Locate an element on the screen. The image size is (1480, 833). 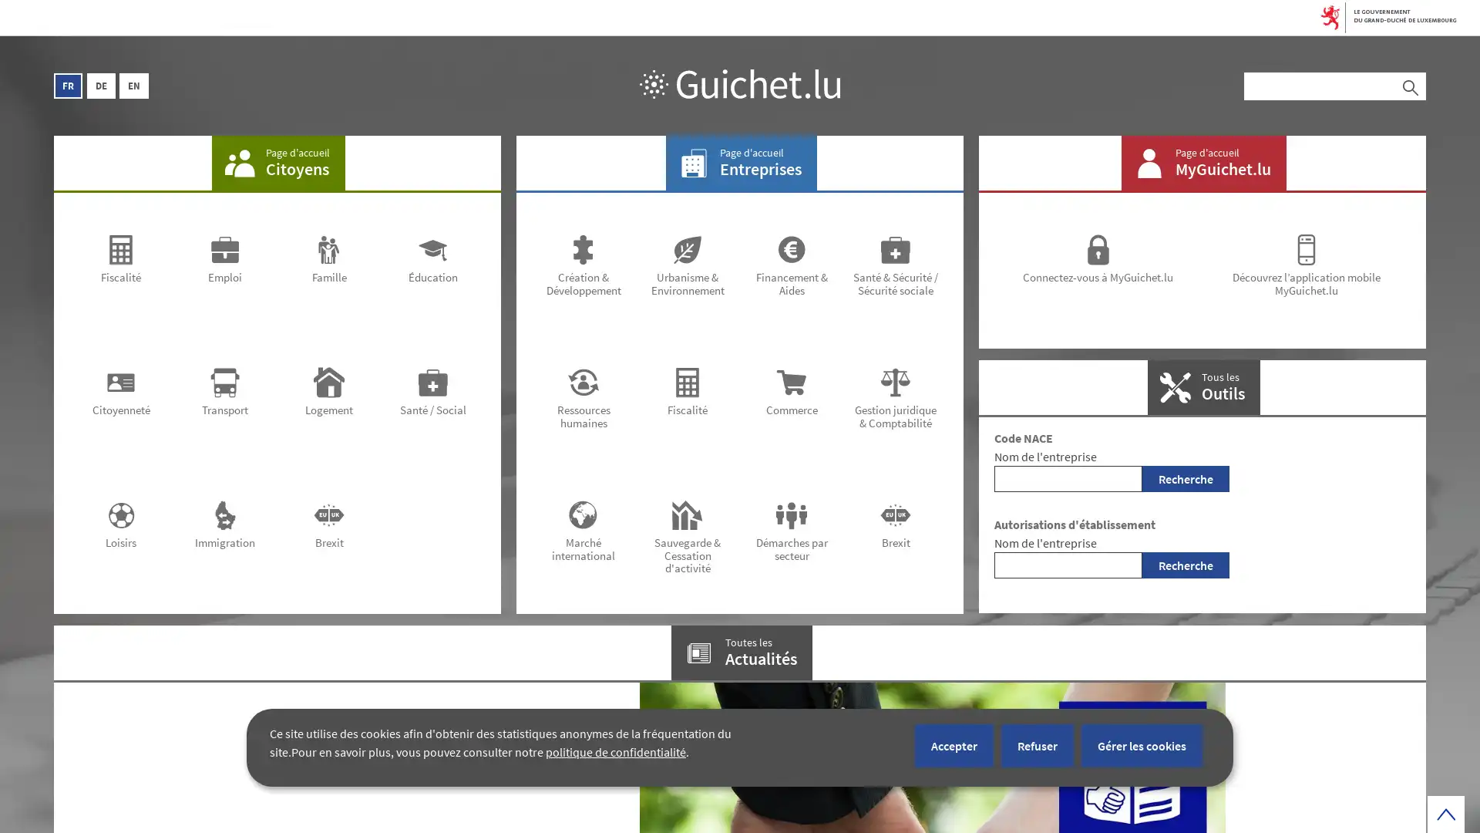
Accepter is located at coordinates (954, 745).